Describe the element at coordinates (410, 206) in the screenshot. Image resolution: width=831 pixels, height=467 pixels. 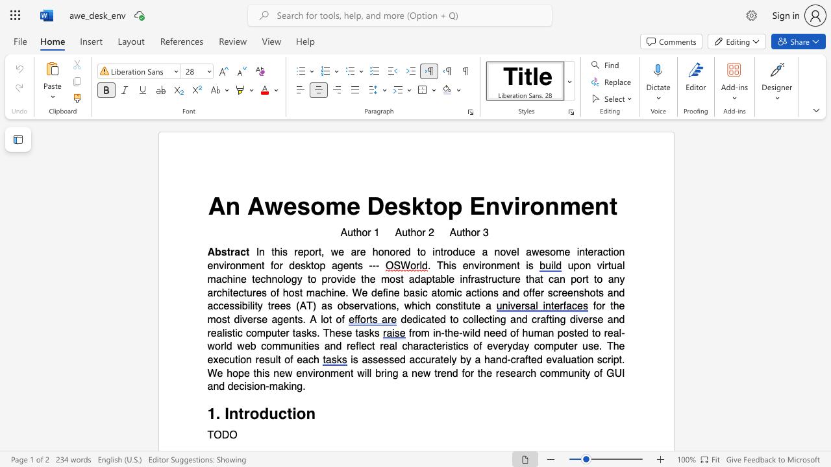
I see `the subset text "ktop Environment" within the text "An Awesome Desktop Environment"` at that location.